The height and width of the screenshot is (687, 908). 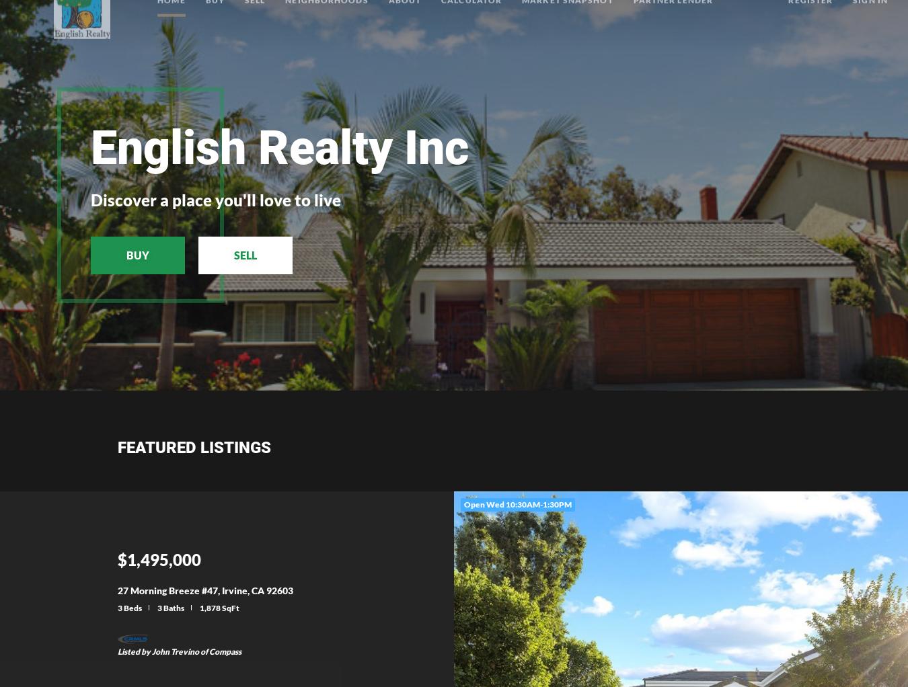 What do you see at coordinates (219, 606) in the screenshot?
I see `'1,878 SqFt'` at bounding box center [219, 606].